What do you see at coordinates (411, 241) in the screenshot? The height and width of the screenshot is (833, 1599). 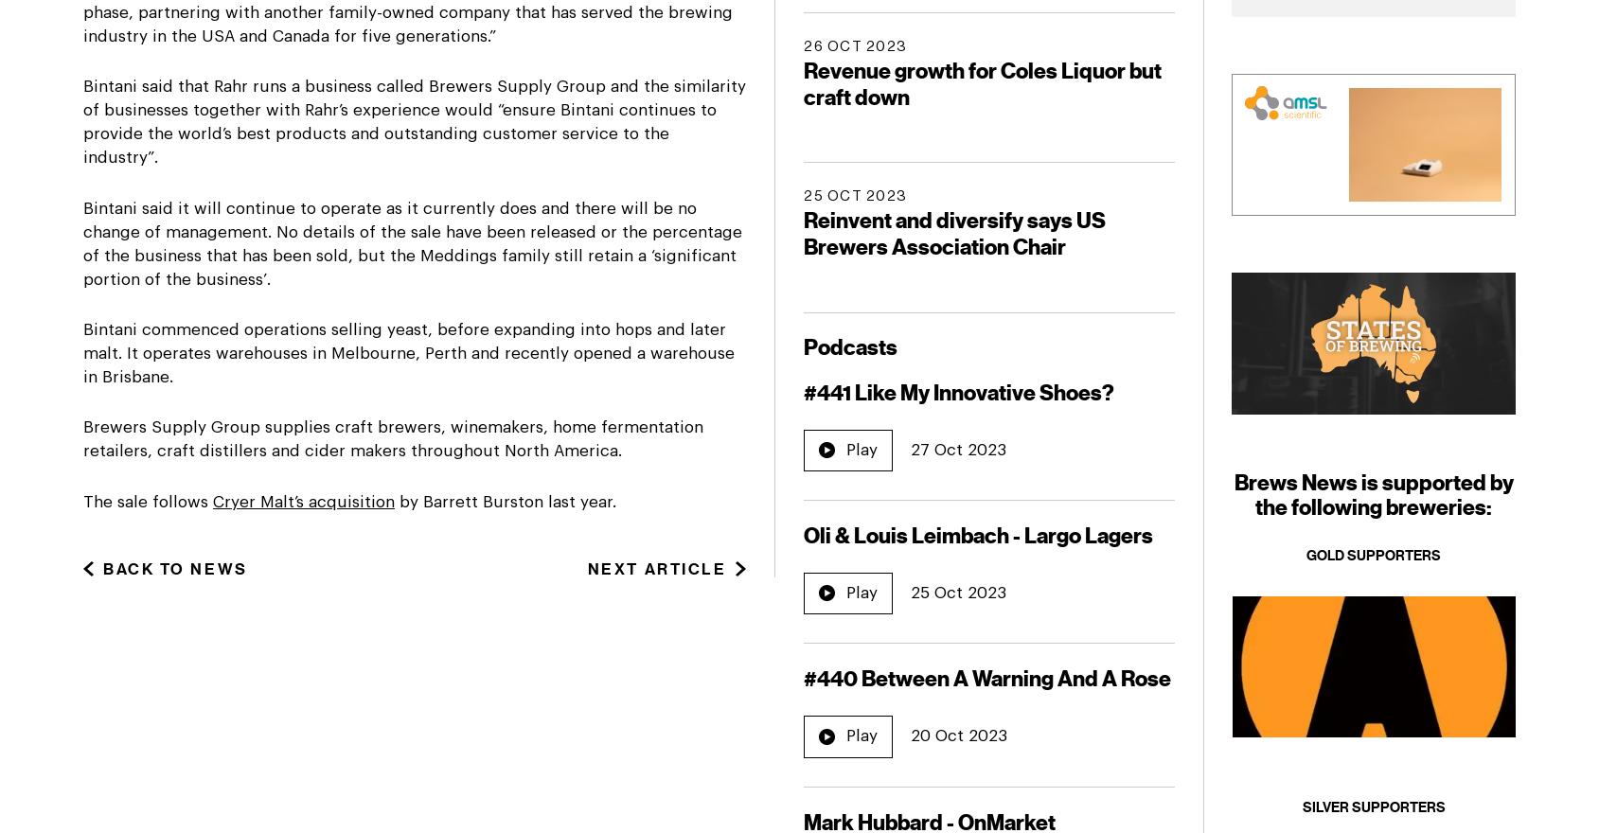 I see `'Bintani said it will continue to operate as it currently does and there will be no change of management. No details of the sale have been released or the percentage of the business that has been sold, but the Meddings family still retain a ‘significant portion of the business’.'` at bounding box center [411, 241].